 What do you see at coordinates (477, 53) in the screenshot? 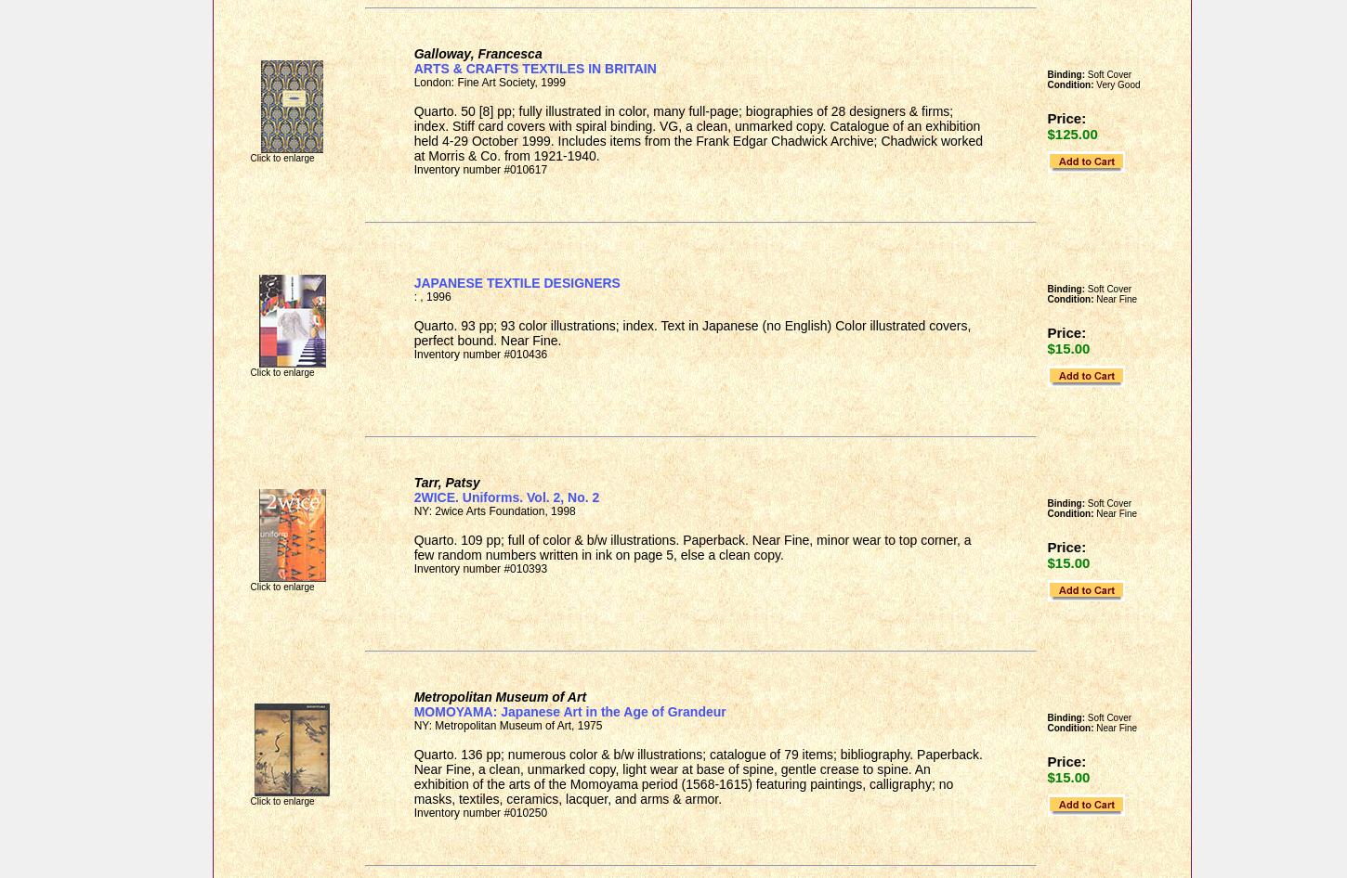
I see `'Galloway, Francesca'` at bounding box center [477, 53].